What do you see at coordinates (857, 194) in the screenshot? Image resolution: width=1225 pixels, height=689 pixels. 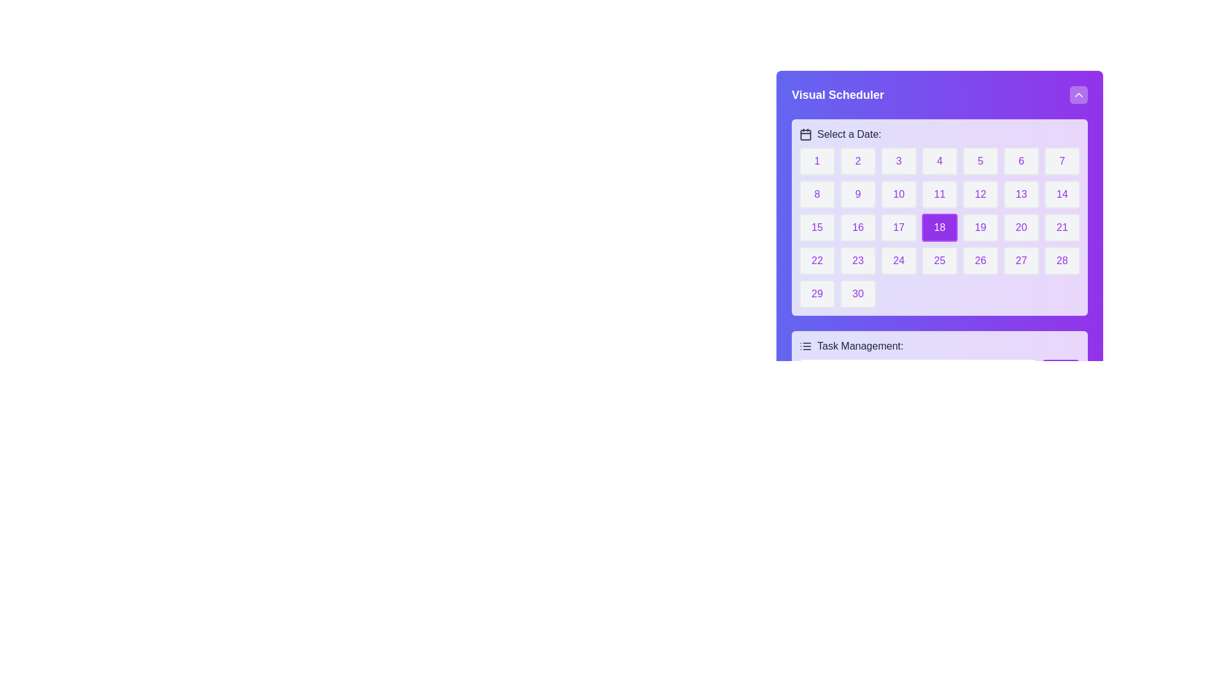 I see `the selectable button located in the second row and second column of the calendar widget under 'Select a Date'` at bounding box center [857, 194].